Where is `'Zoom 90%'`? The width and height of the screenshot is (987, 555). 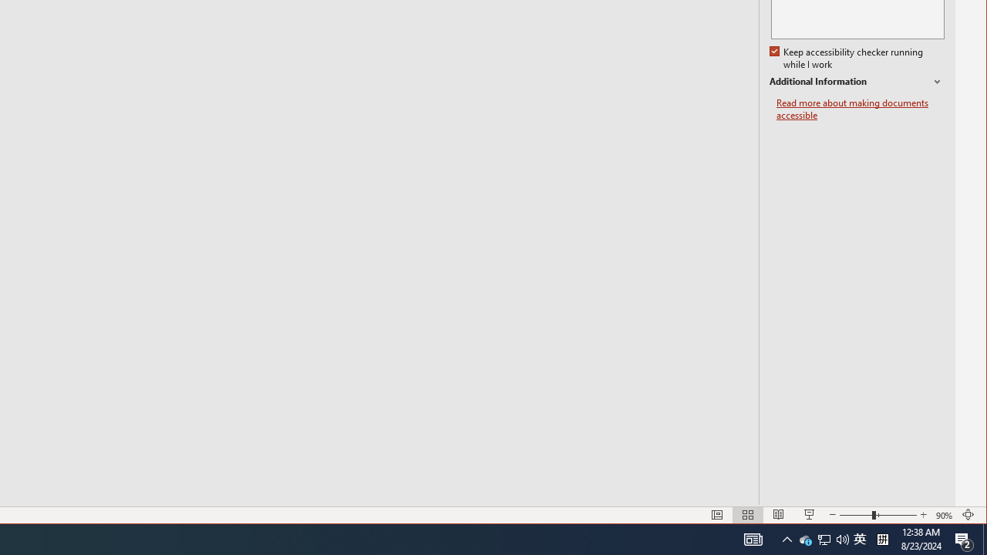
'Zoom 90%' is located at coordinates (944, 515).